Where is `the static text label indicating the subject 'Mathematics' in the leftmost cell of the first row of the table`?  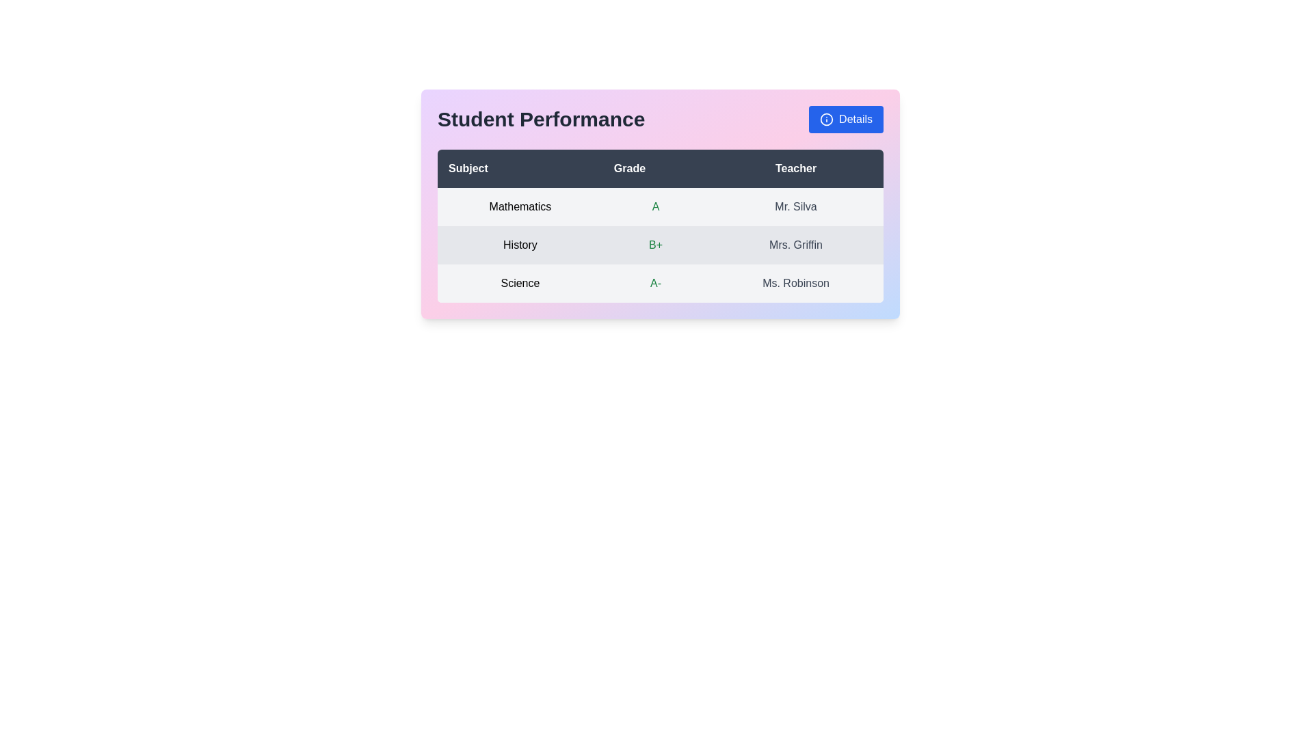 the static text label indicating the subject 'Mathematics' in the leftmost cell of the first row of the table is located at coordinates (519, 207).